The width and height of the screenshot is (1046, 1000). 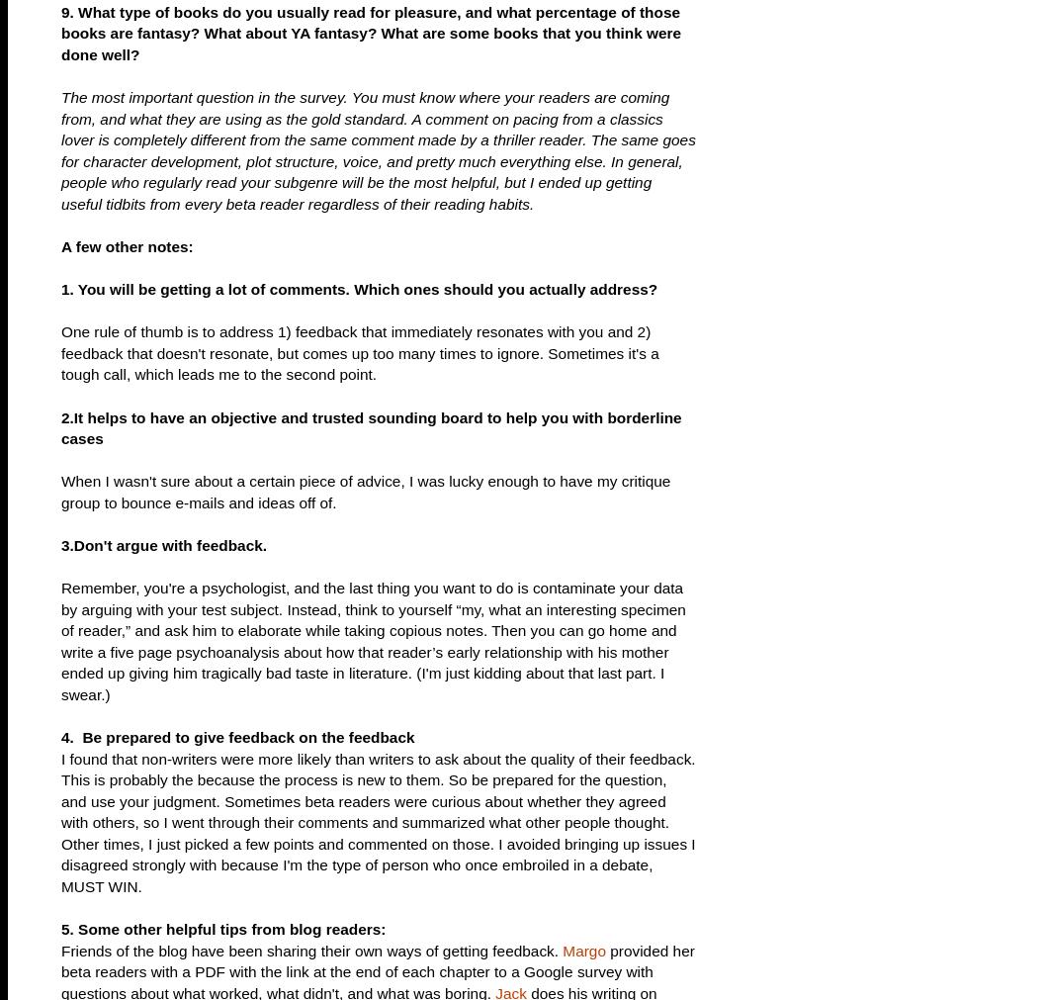 I want to click on 'When I wasn't sure about a certain piece of advice, I was lucky enough to have my critique group to bounce e-mails and ideas off of.', so click(x=365, y=491).